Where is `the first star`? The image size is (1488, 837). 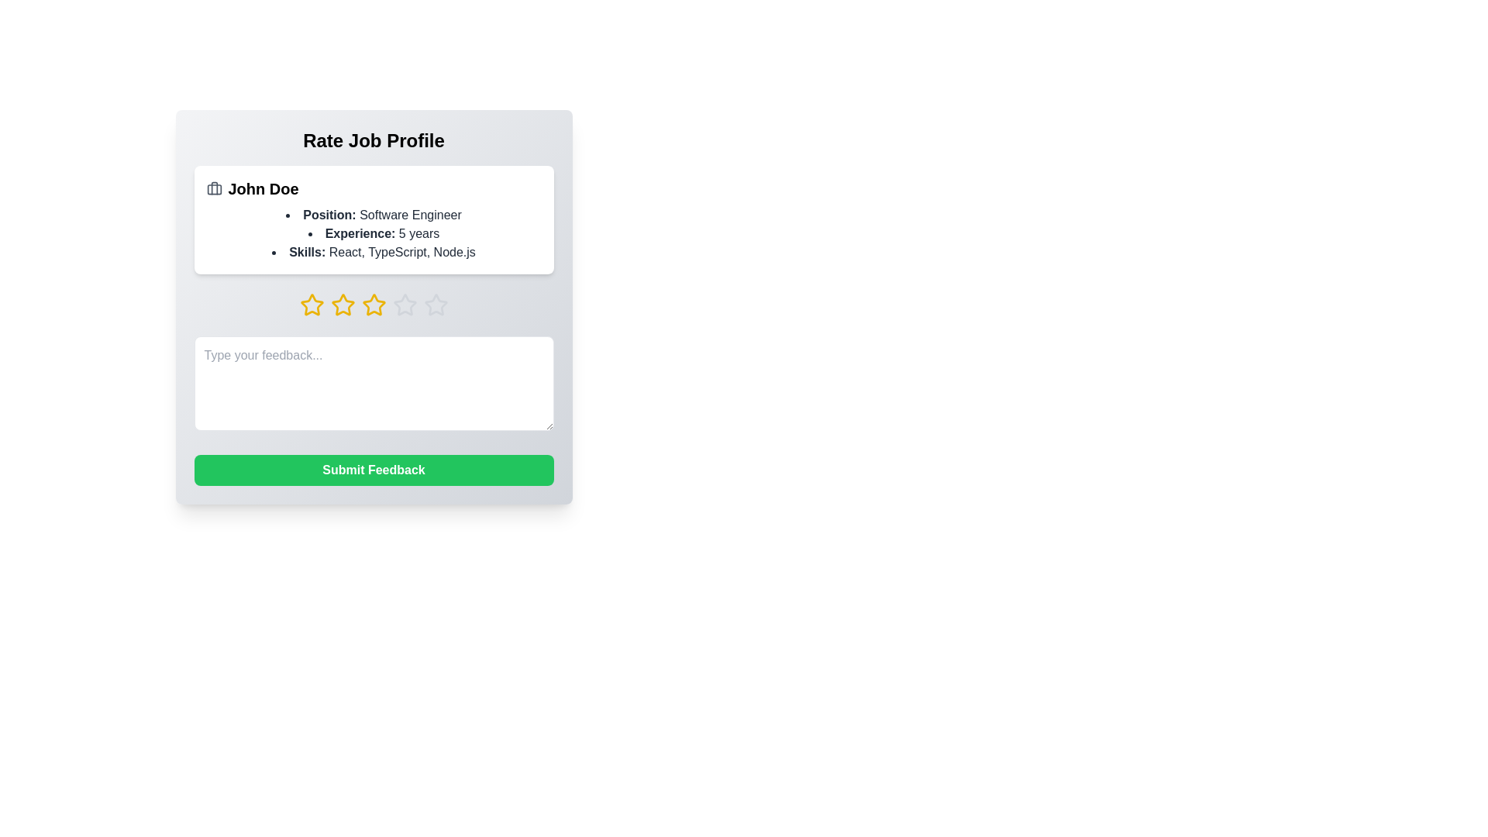 the first star is located at coordinates (311, 305).